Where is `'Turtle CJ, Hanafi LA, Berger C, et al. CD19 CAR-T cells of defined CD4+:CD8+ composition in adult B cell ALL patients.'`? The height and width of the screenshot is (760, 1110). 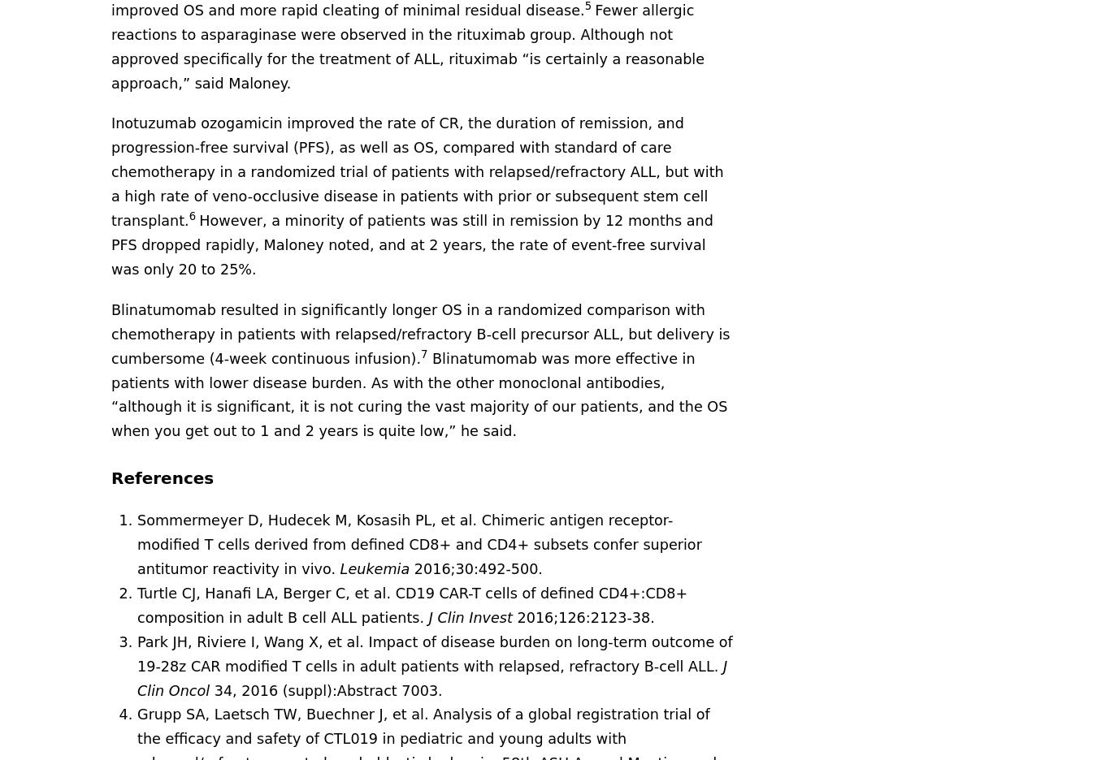 'Turtle CJ, Hanafi LA, Berger C, et al. CD19 CAR-T cells of defined CD4+:CD8+ composition in adult B cell ALL patients.' is located at coordinates (412, 604).